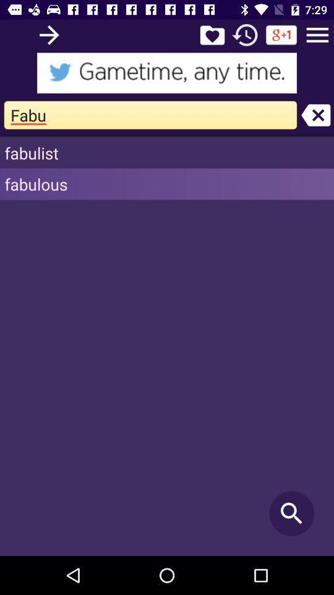  Describe the element at coordinates (315, 115) in the screenshot. I see `clear the text in search` at that location.